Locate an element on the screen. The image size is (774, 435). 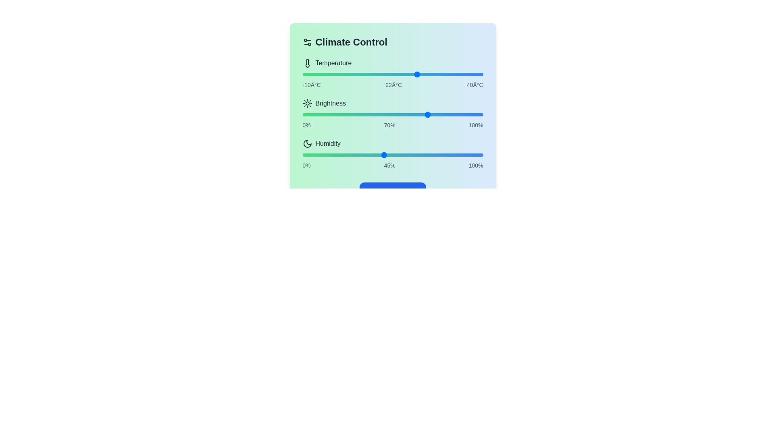
the brightness level is located at coordinates (470, 115).